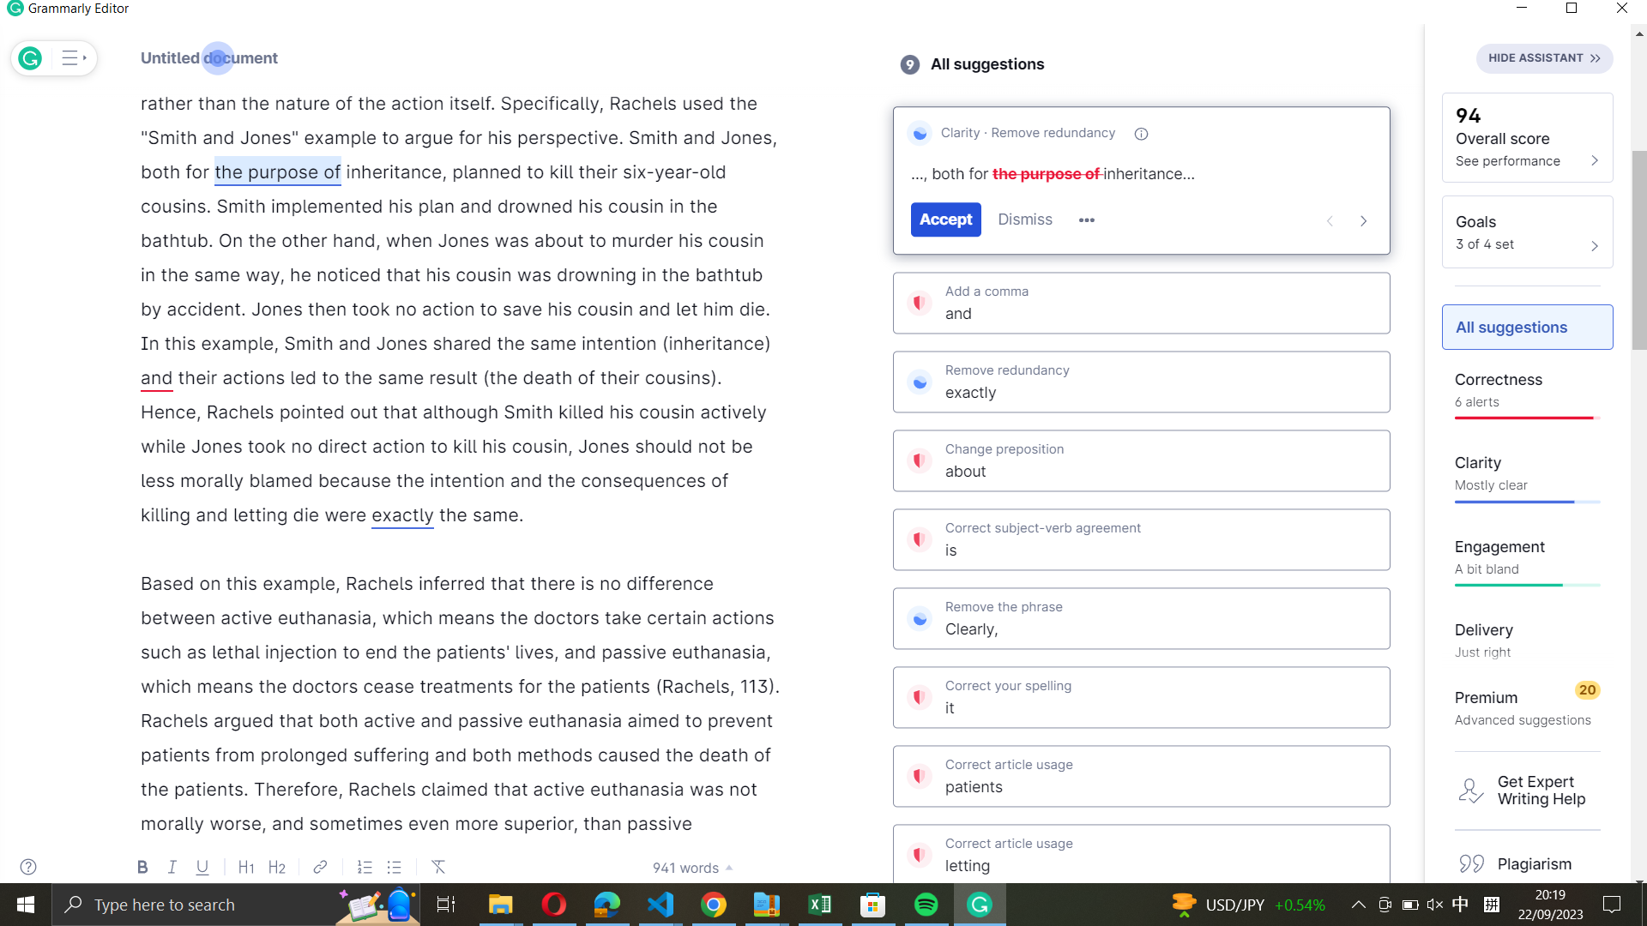 The width and height of the screenshot is (1647, 926). I want to click on Change word font to italics, so click(393, 171).